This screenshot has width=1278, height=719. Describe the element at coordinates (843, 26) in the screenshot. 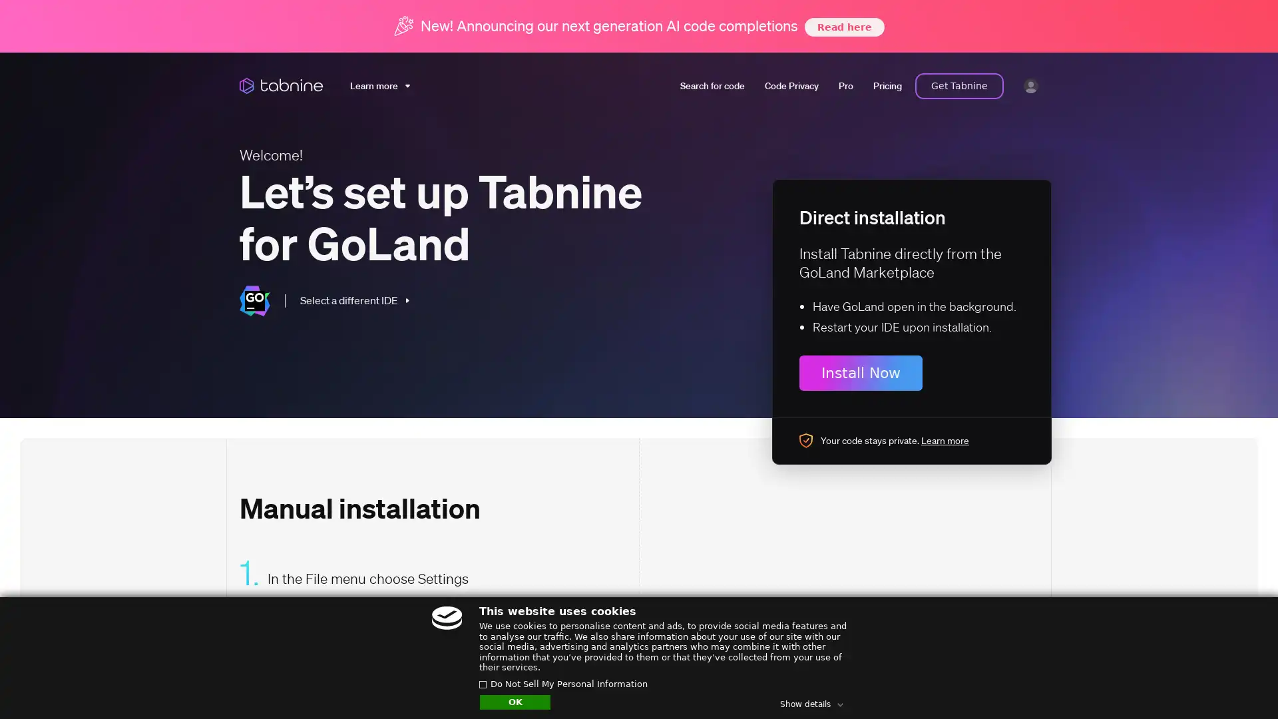

I see `Read here` at that location.